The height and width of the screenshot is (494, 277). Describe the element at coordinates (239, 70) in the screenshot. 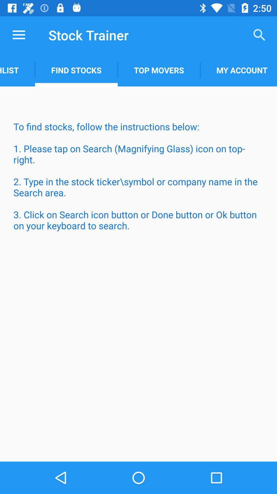

I see `the my account app` at that location.